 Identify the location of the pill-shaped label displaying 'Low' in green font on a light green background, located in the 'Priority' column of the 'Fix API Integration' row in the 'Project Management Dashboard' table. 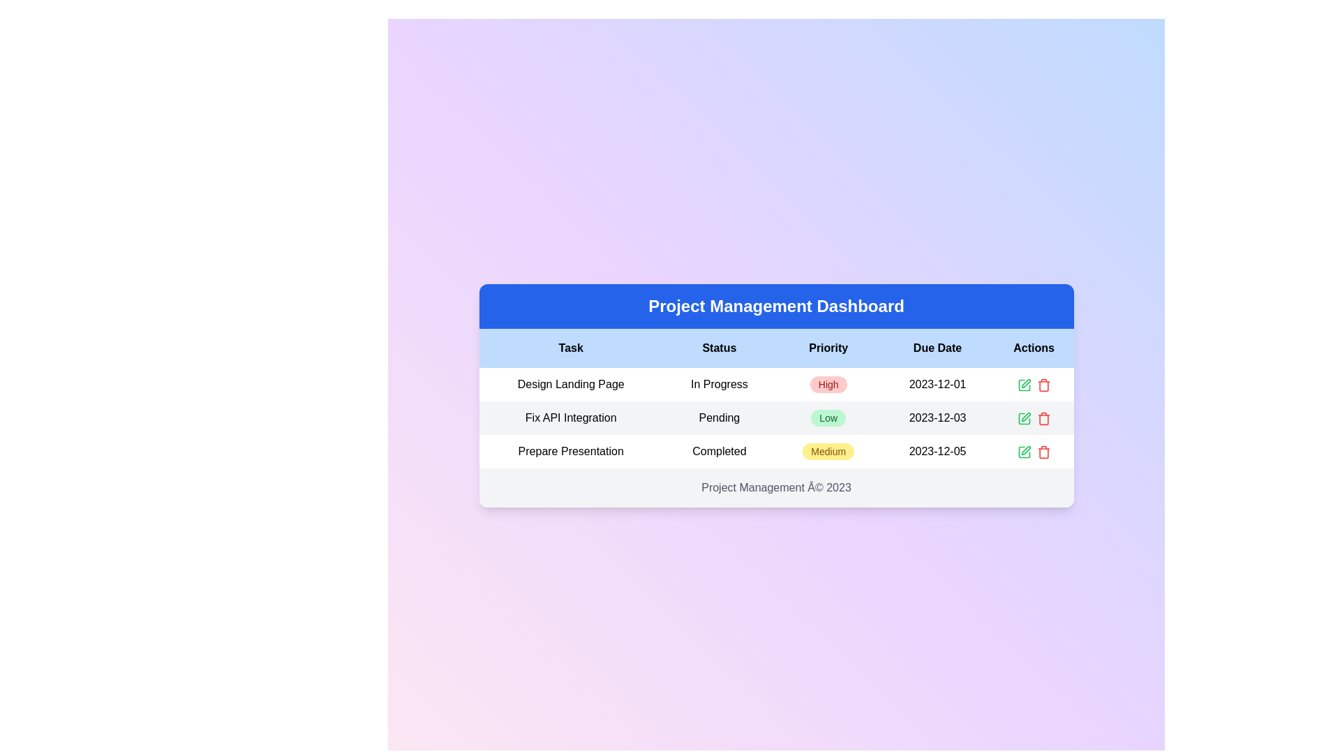
(828, 417).